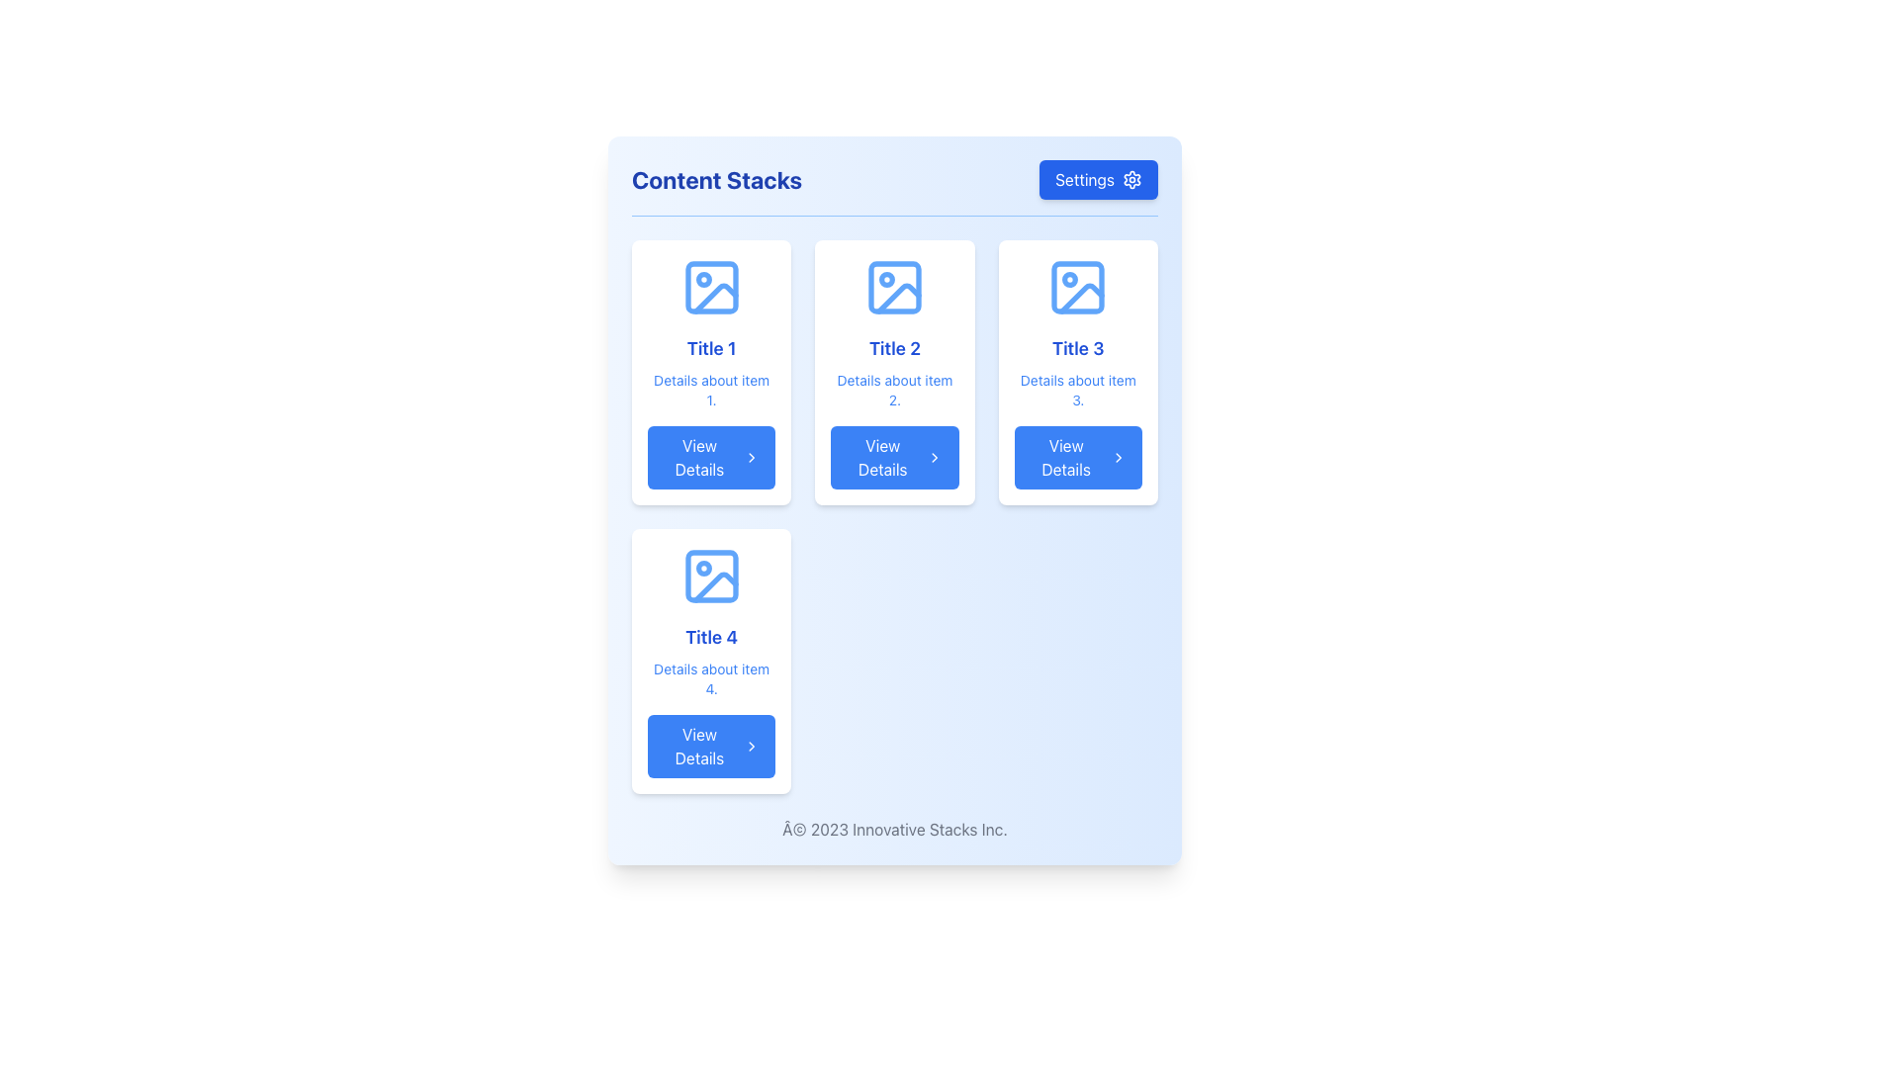 This screenshot has width=1899, height=1068. What do you see at coordinates (1132, 179) in the screenshot?
I see `the gear-shaped icon next to the 'Settings' button, which has a blue background and white border` at bounding box center [1132, 179].